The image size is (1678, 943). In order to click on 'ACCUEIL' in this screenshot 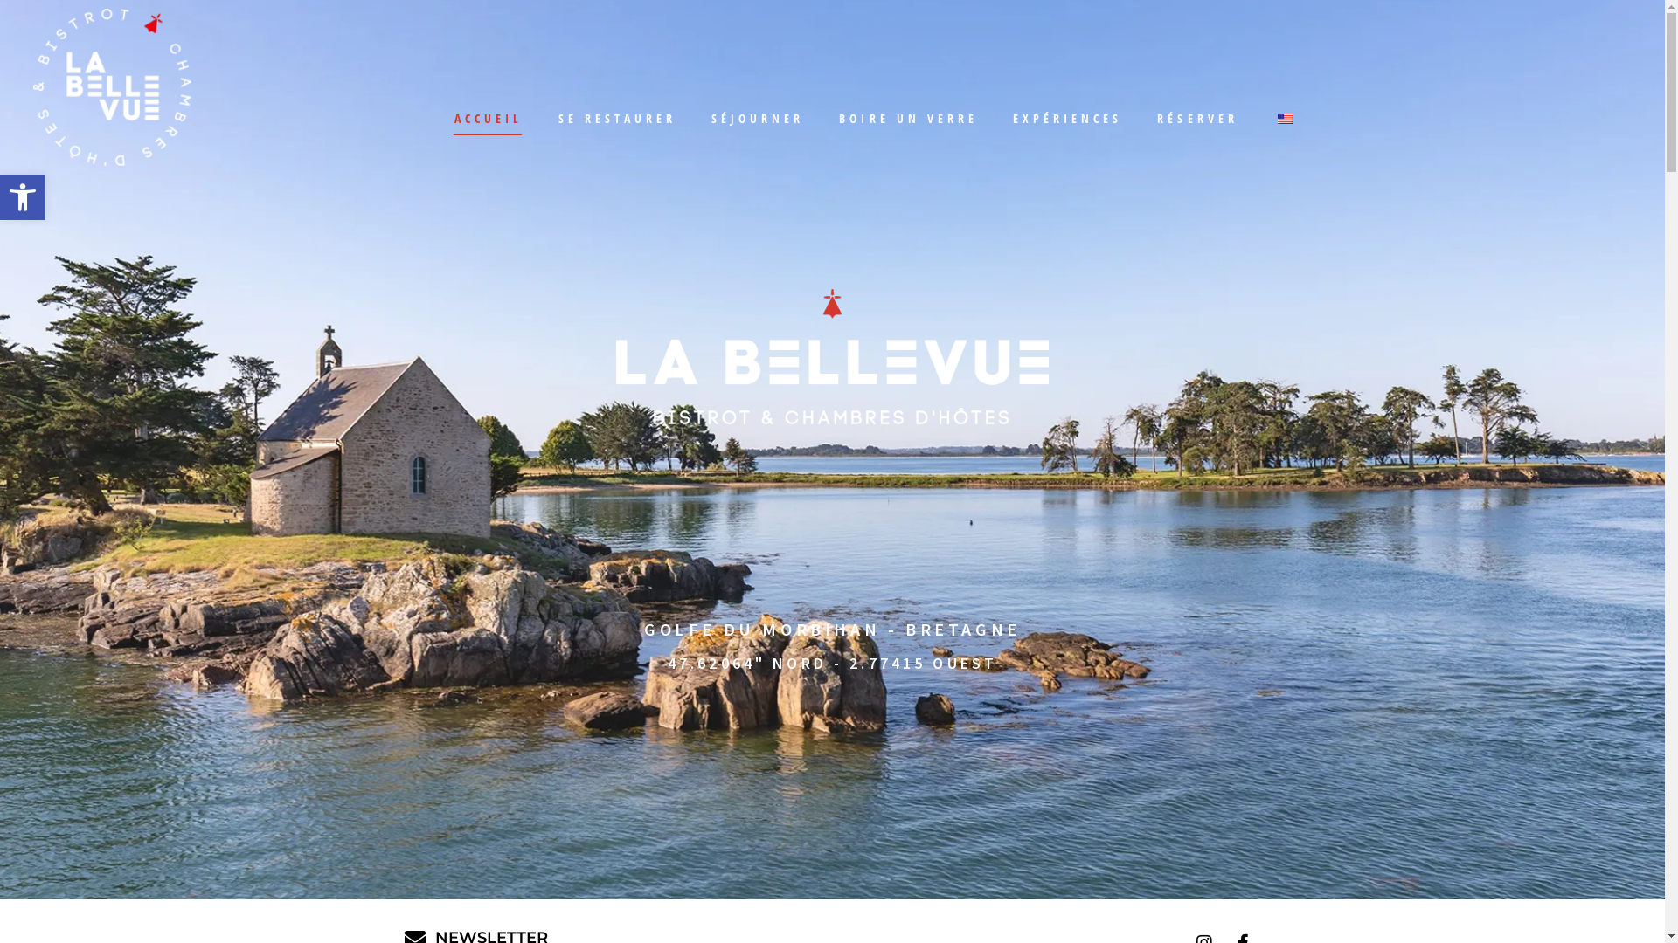, I will do `click(436, 118)`.